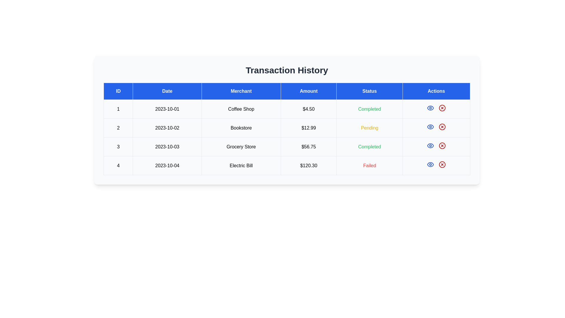  I want to click on the text of transaction entry 4, so click(287, 165).